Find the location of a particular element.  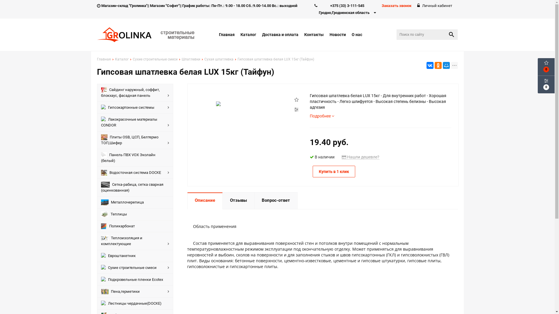

'search' is located at coordinates (451, 35).